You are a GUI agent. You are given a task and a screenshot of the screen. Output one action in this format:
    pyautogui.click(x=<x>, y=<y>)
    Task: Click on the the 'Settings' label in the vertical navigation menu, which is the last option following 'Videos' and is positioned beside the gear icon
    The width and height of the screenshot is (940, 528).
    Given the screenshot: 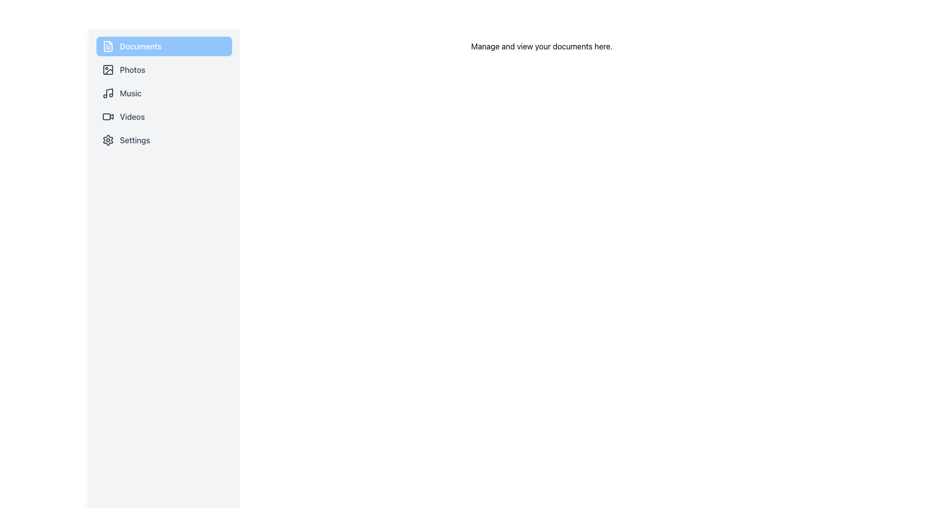 What is the action you would take?
    pyautogui.click(x=134, y=140)
    